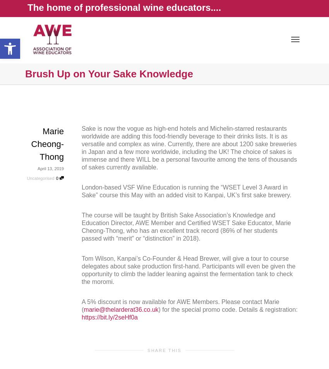 This screenshot has height=369, width=329. I want to click on 'Marie Cheong-Thong', so click(47, 144).